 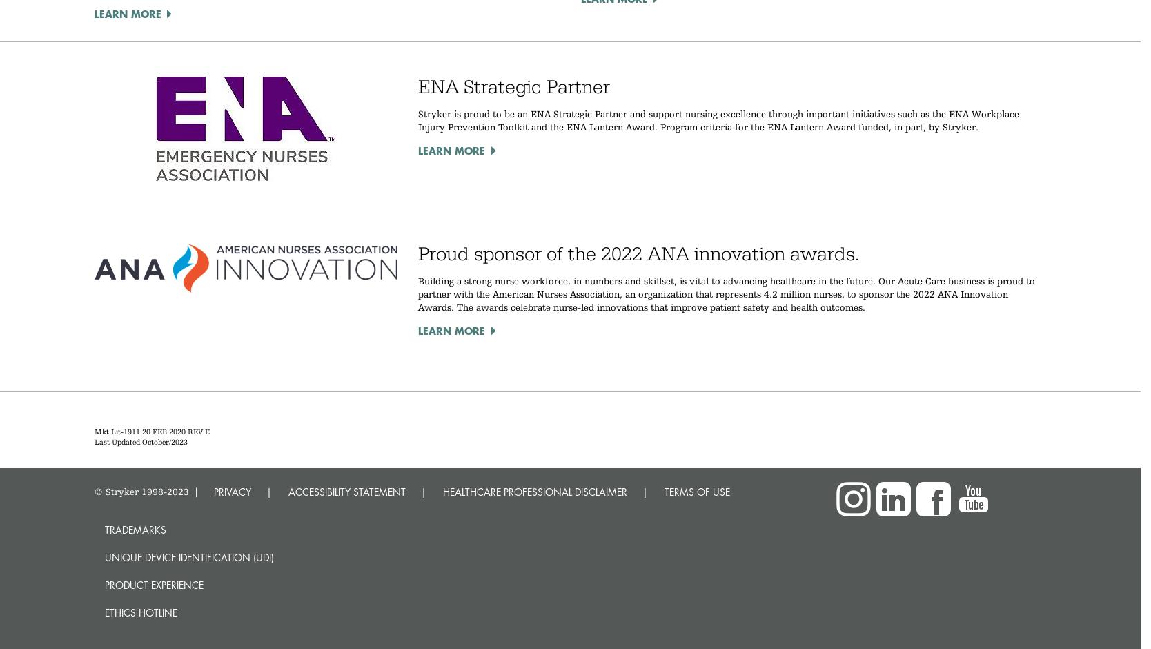 I want to click on 'Trademarks', so click(x=135, y=529).